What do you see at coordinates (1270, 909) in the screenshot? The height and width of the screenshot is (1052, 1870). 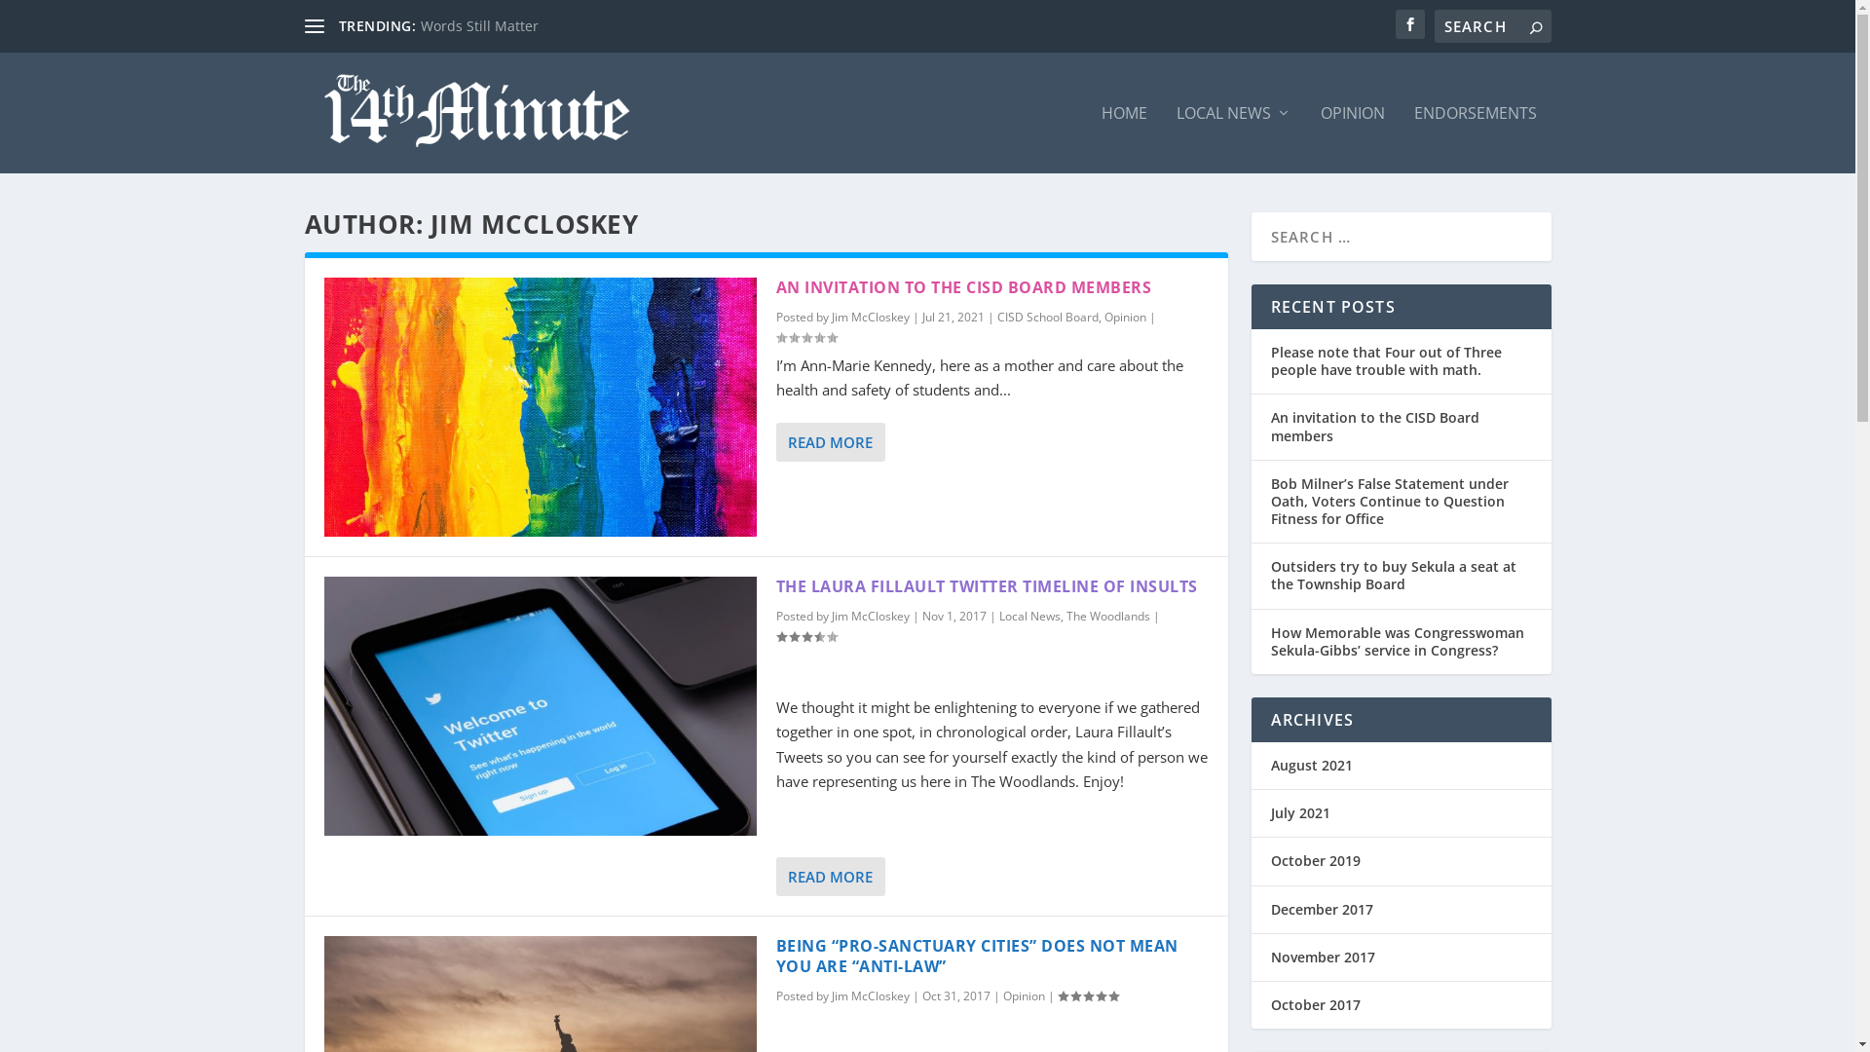 I see `'December 2017'` at bounding box center [1270, 909].